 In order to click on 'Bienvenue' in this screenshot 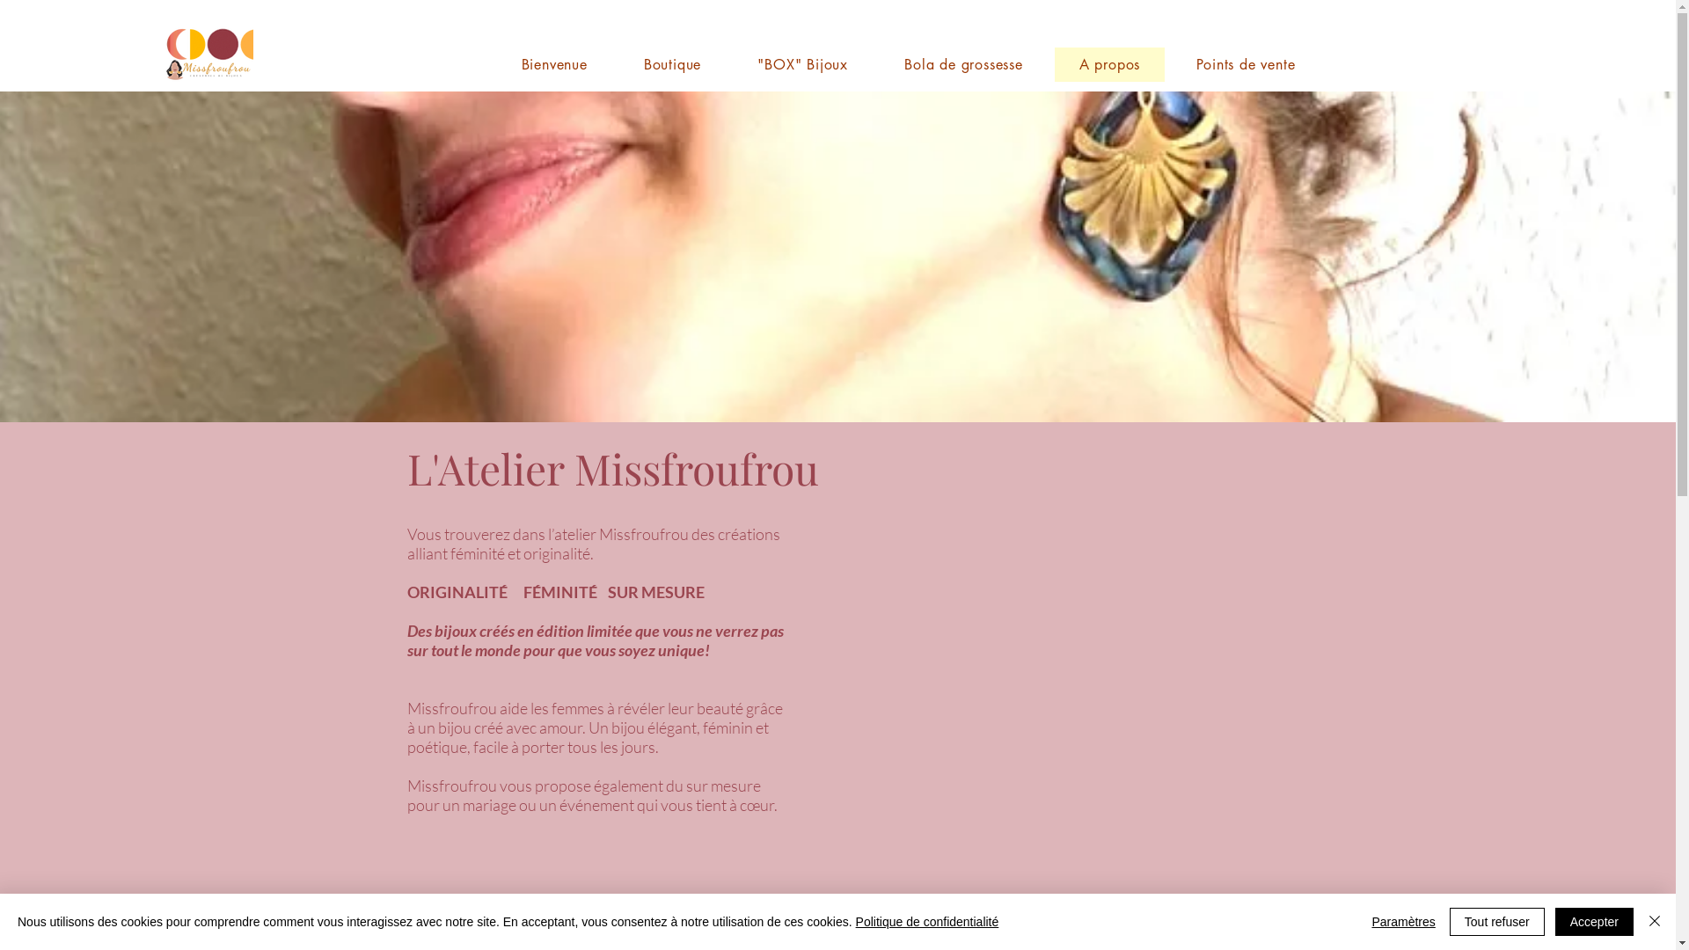, I will do `click(495, 63)`.